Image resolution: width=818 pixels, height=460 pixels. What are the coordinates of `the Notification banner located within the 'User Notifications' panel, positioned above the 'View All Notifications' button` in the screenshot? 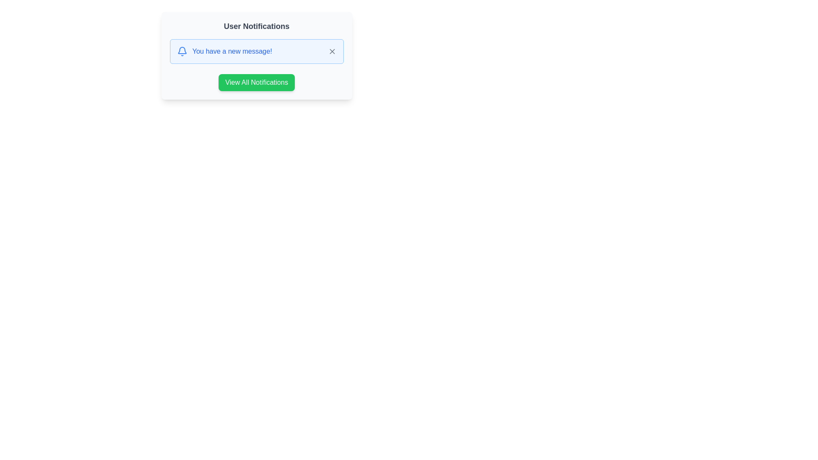 It's located at (256, 51).